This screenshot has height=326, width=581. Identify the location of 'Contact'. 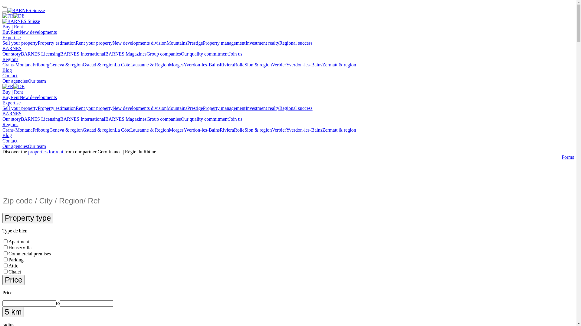
(10, 141).